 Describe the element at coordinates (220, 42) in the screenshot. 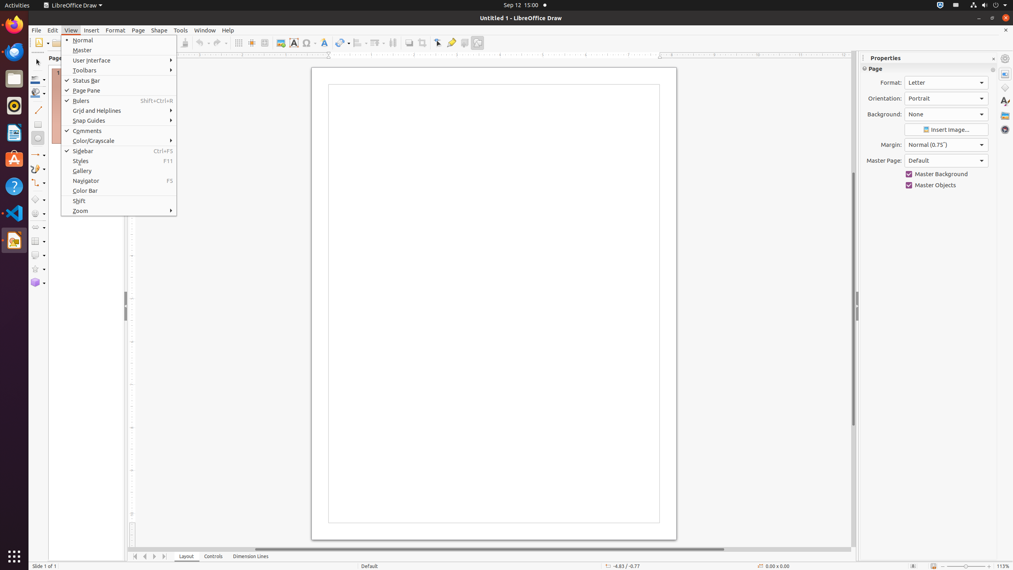

I see `'Redo'` at that location.